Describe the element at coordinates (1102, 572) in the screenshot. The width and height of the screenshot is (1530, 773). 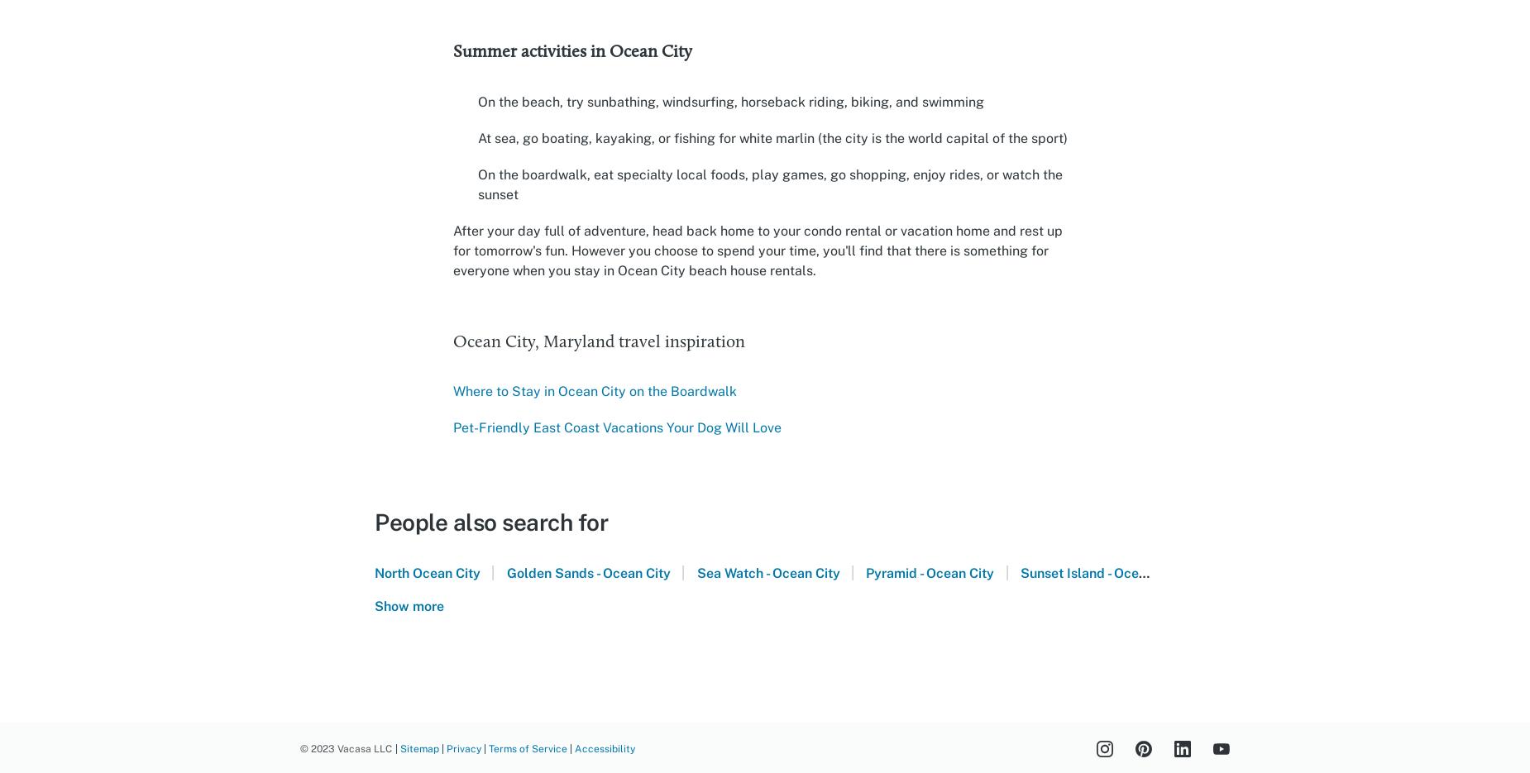
I see `'Sunset Island - Ocean City'` at that location.